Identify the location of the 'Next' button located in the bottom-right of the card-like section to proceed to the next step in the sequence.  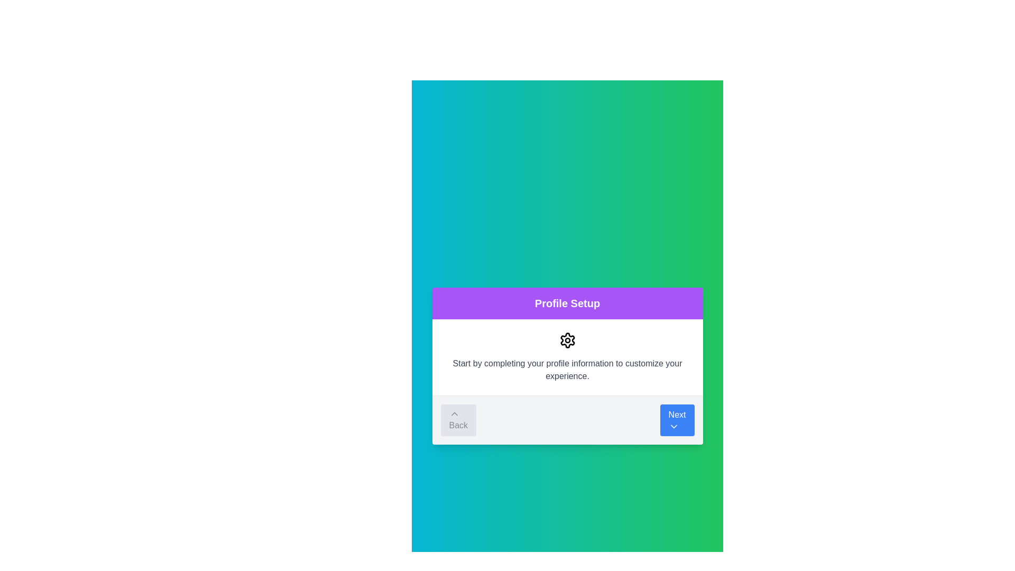
(677, 419).